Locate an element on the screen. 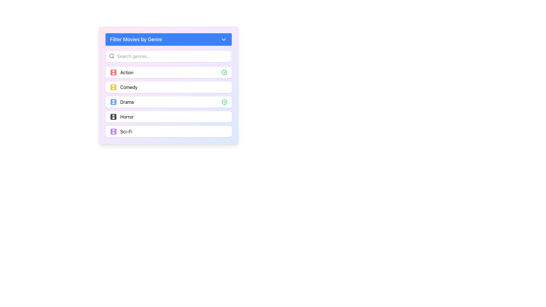 This screenshot has height=307, width=546. the yellow decorative graphical element within the film strip icon associated with the 'Comedy' genre, which is the inner rounded rectangle located second in the vertical list of genres is located at coordinates (113, 87).